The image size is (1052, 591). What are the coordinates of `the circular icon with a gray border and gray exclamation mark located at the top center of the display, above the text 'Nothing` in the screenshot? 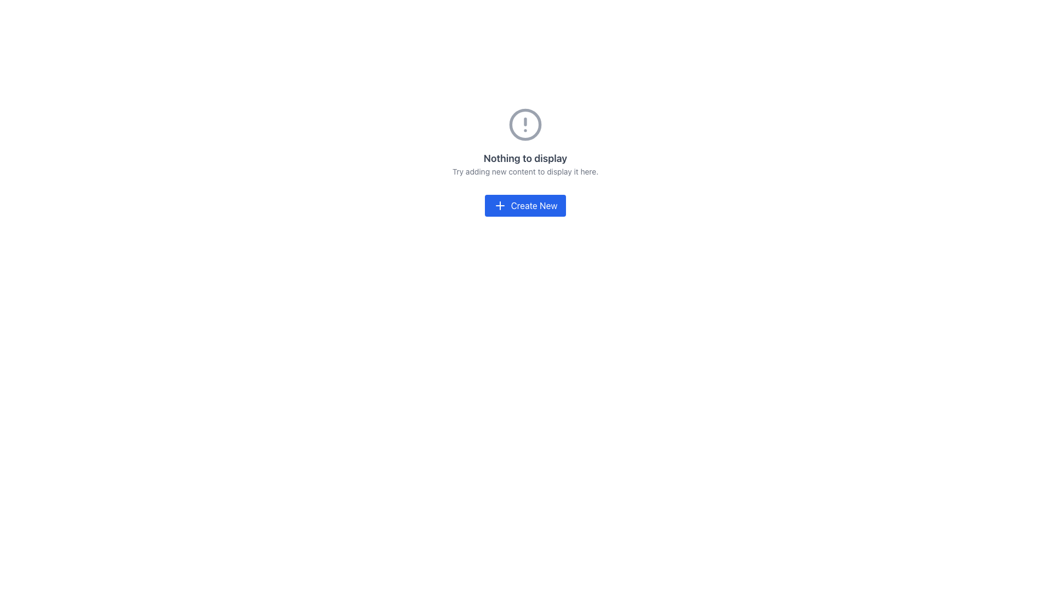 It's located at (525, 124).